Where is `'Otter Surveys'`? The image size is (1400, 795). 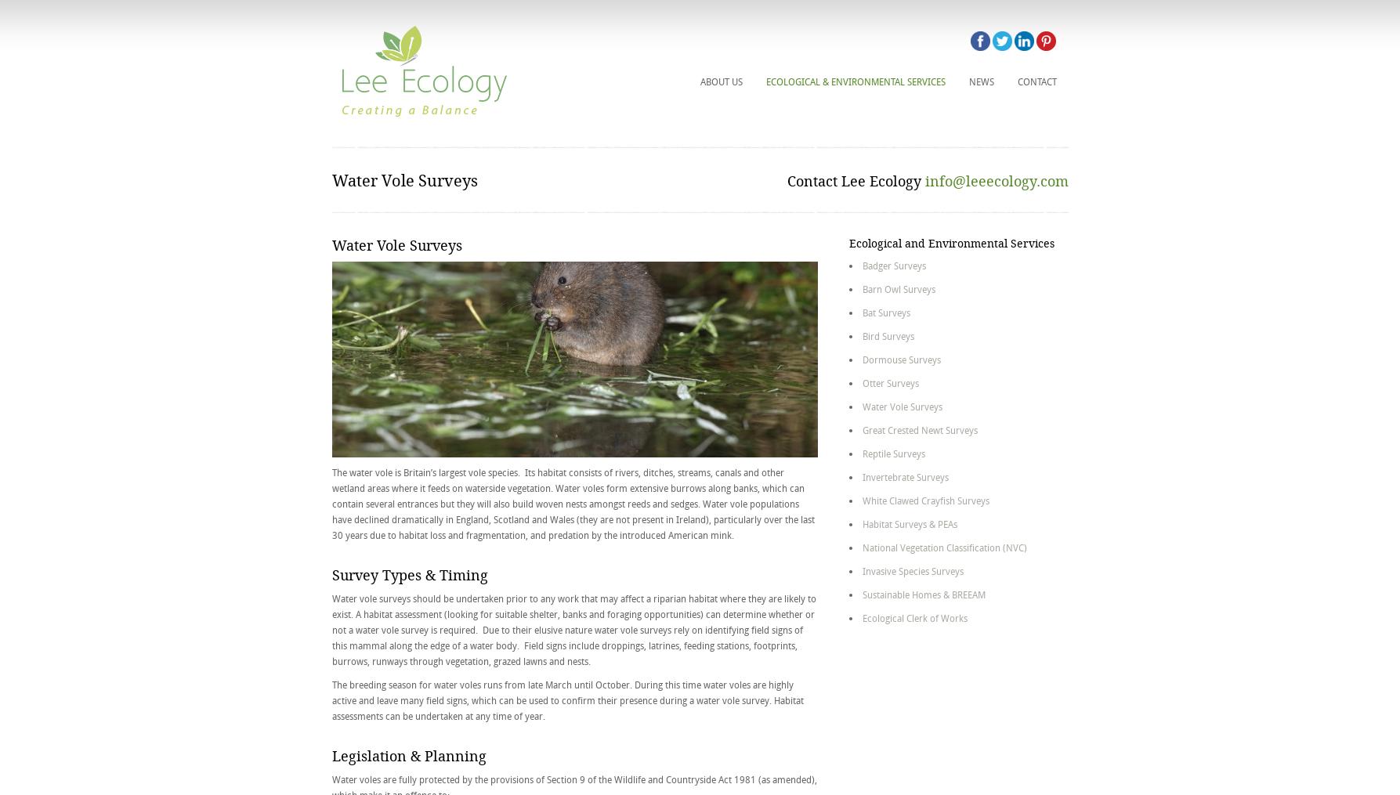
'Otter Surveys' is located at coordinates (862, 382).